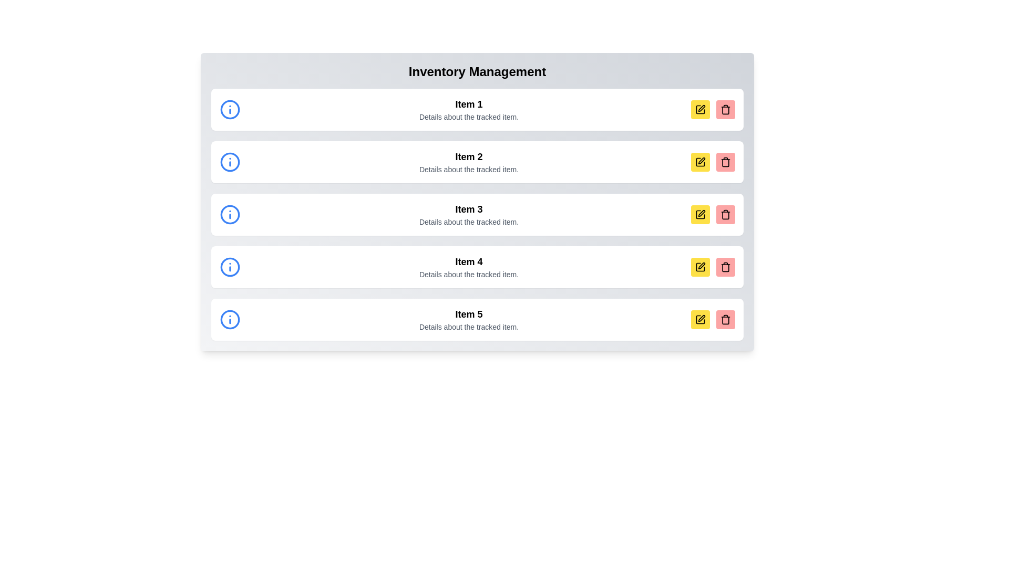 Image resolution: width=1009 pixels, height=567 pixels. Describe the element at coordinates (713, 162) in the screenshot. I see `the delete button in the grouped action buttons located in the second row of the list view under 'Item 2 - Details about the tracked item.'` at that location.